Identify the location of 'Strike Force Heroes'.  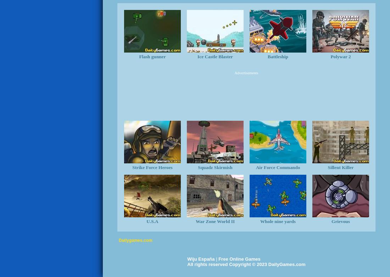
(152, 167).